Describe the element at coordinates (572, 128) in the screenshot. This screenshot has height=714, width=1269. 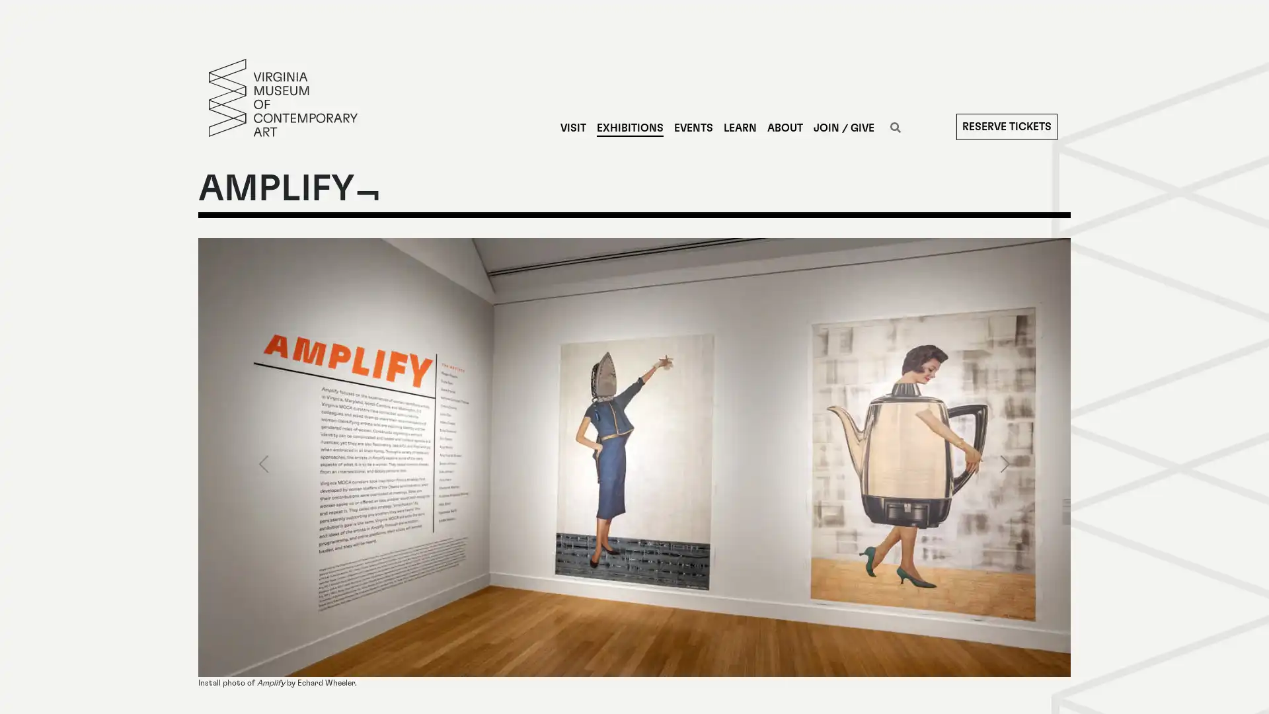
I see `VISIT` at that location.